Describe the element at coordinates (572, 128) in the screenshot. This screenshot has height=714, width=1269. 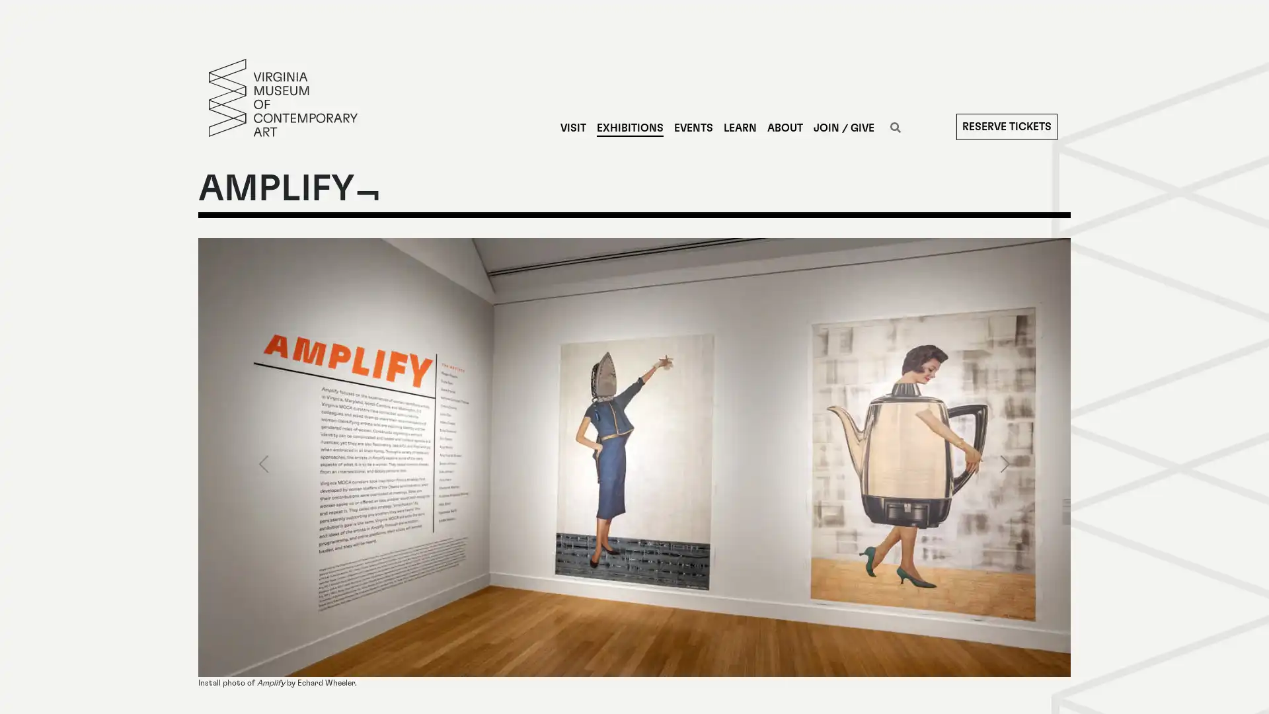
I see `VISIT` at that location.